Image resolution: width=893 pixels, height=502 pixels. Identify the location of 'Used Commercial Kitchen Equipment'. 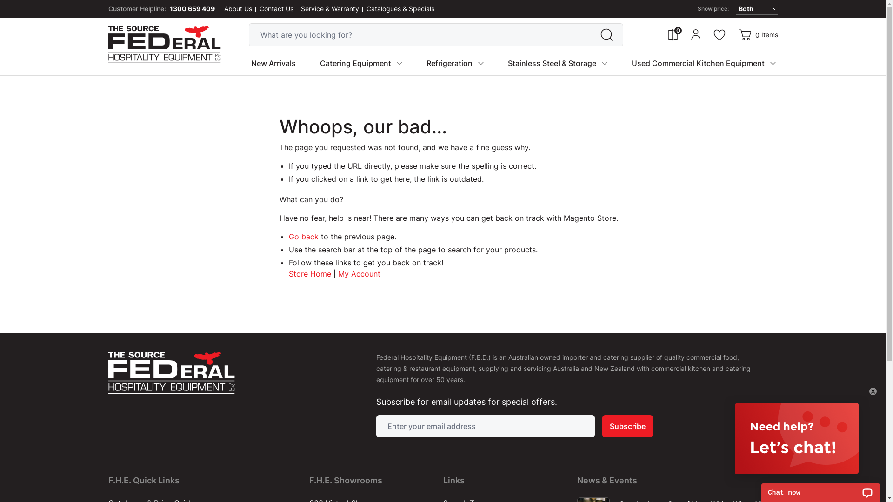
(698, 63).